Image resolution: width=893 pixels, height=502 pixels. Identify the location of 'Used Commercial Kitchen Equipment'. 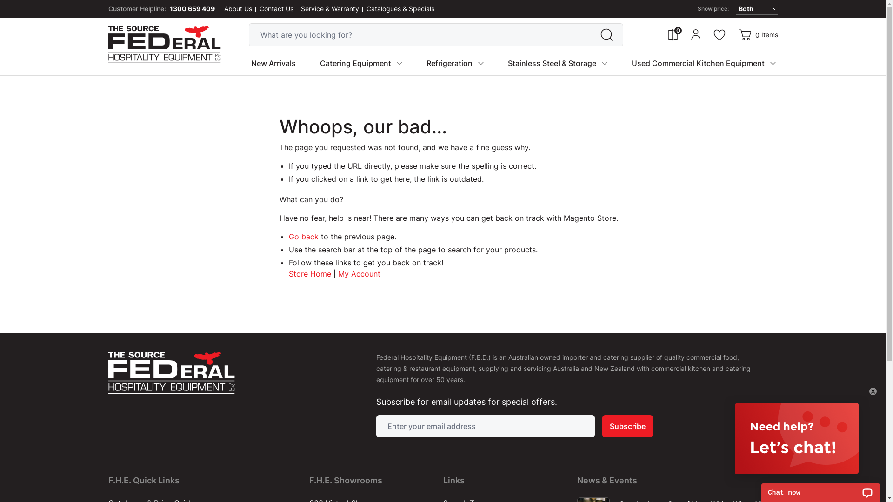
(698, 63).